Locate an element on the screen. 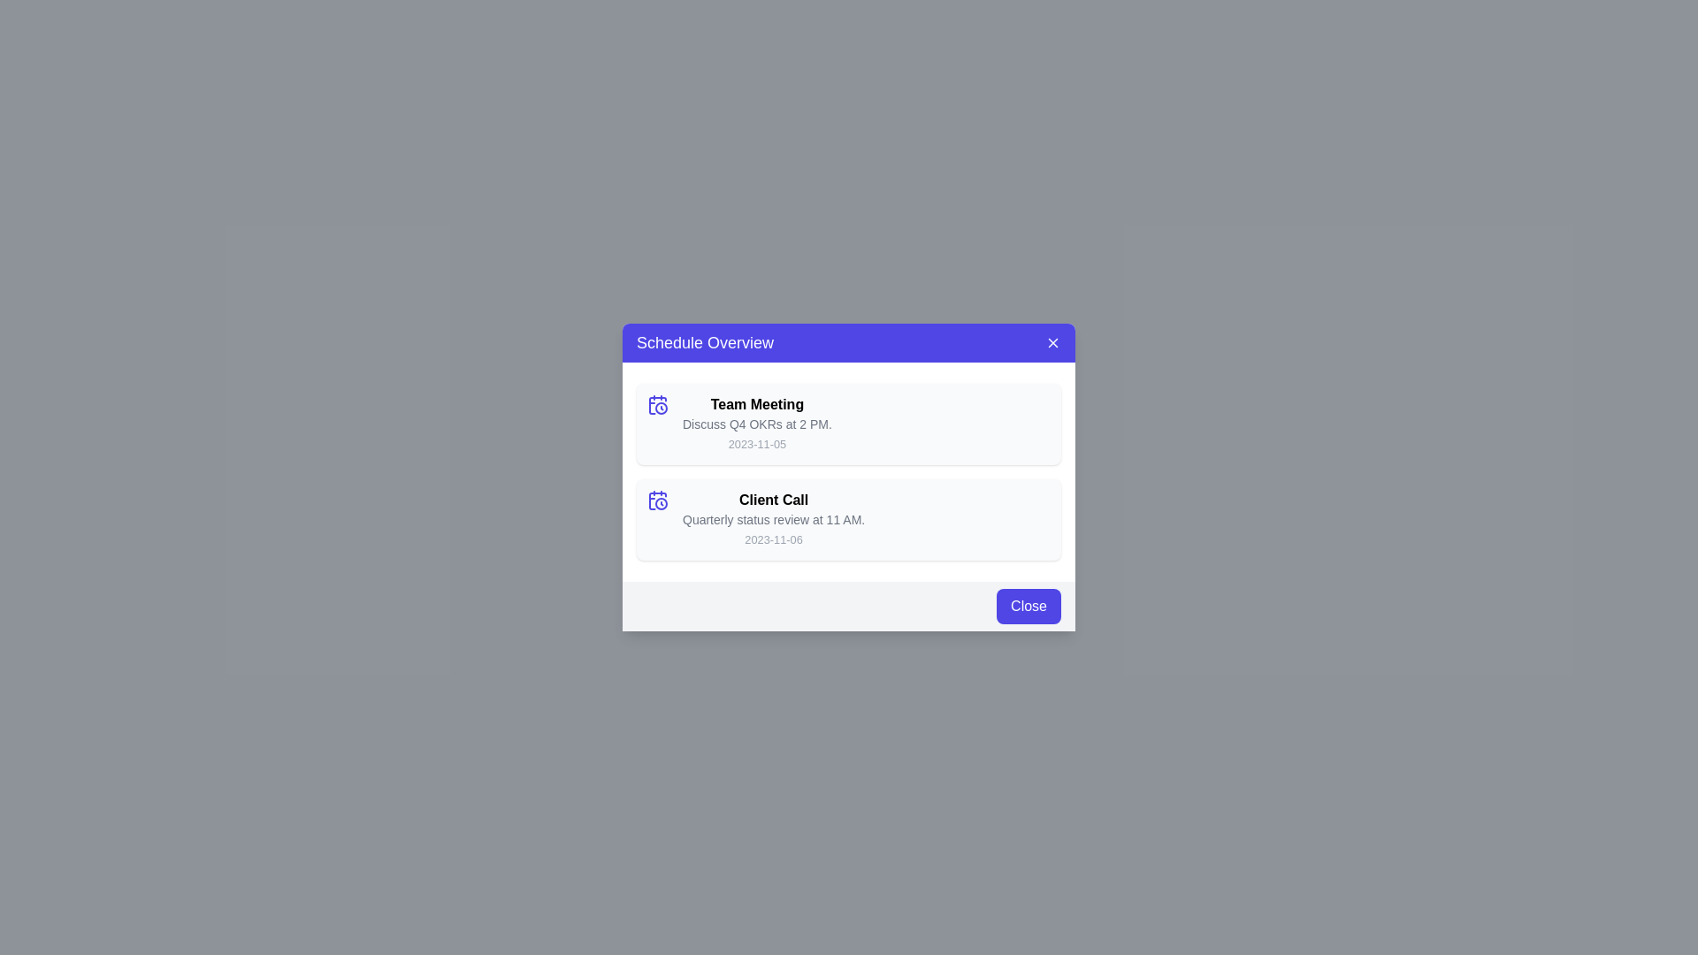  the 'Team Meeting' text block, which includes the heading 'Team Meeting', the description 'Discuss Q4 OKRs at 2 PM.', and the date '2023-11-05' is located at coordinates (757, 424).